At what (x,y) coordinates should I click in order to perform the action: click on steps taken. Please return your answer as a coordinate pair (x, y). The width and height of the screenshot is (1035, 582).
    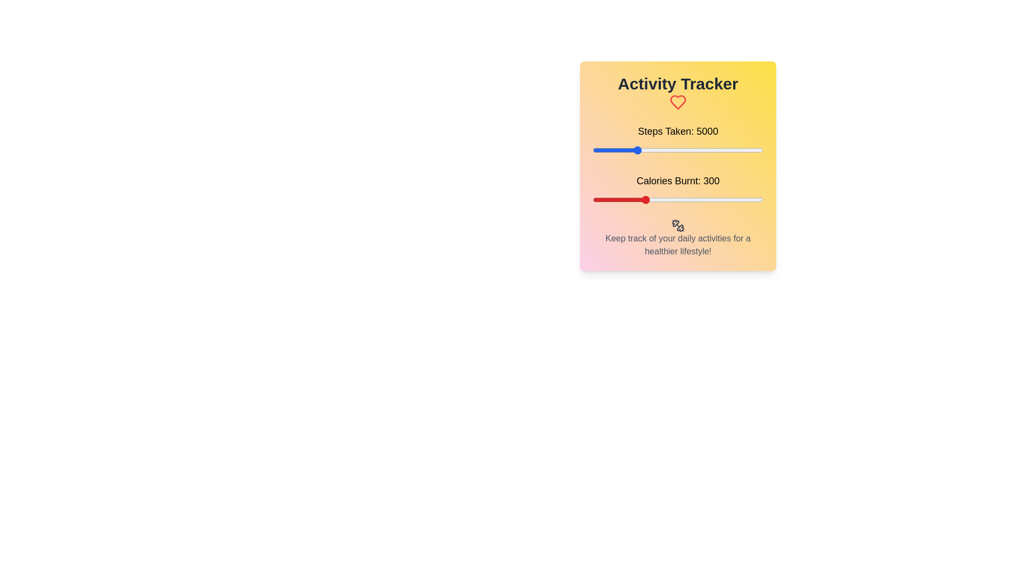
    Looking at the image, I should click on (751, 150).